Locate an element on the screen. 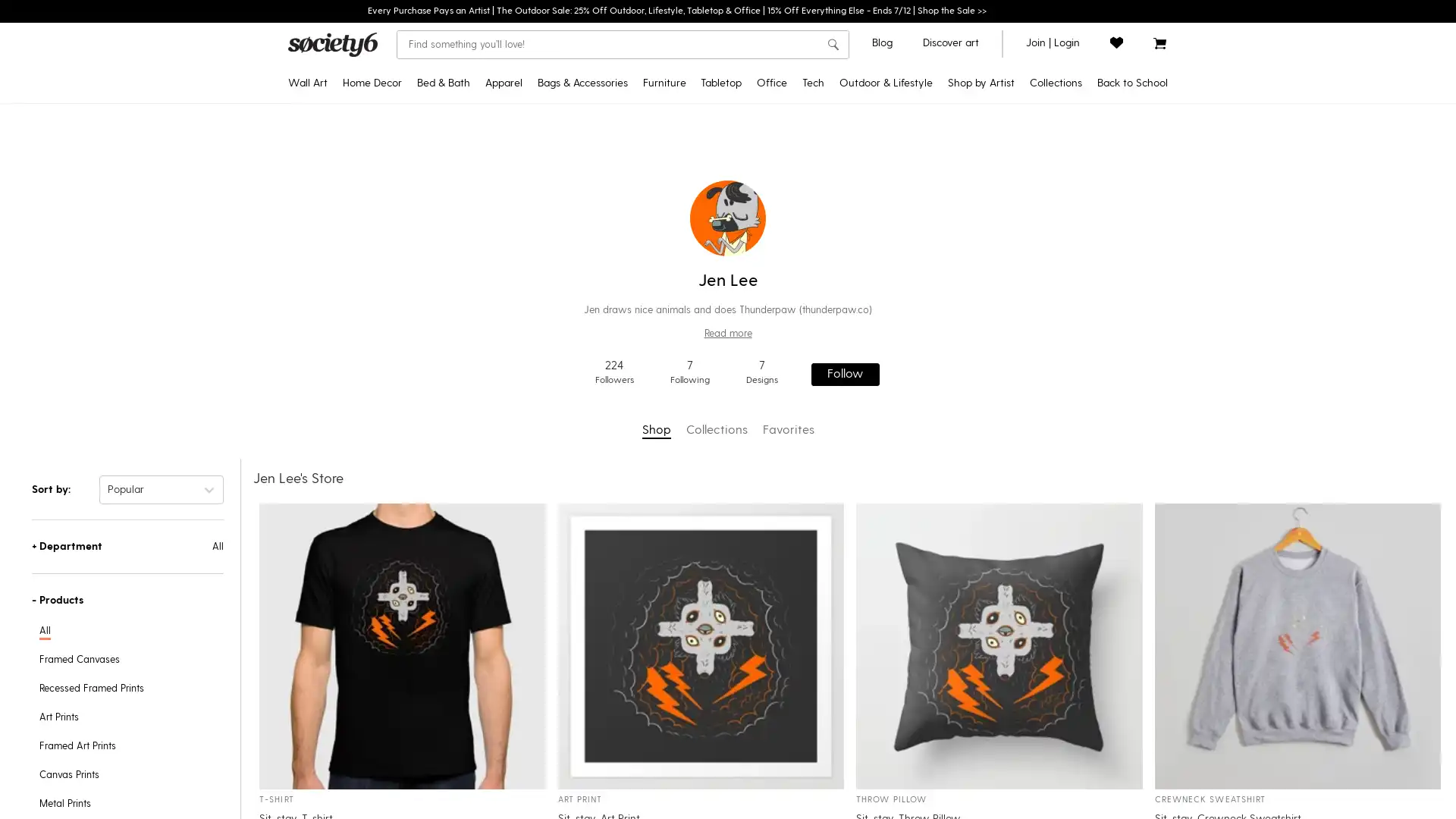 Image resolution: width=1456 pixels, height=819 pixels. Android Wallet Cases is located at coordinates (867, 194).